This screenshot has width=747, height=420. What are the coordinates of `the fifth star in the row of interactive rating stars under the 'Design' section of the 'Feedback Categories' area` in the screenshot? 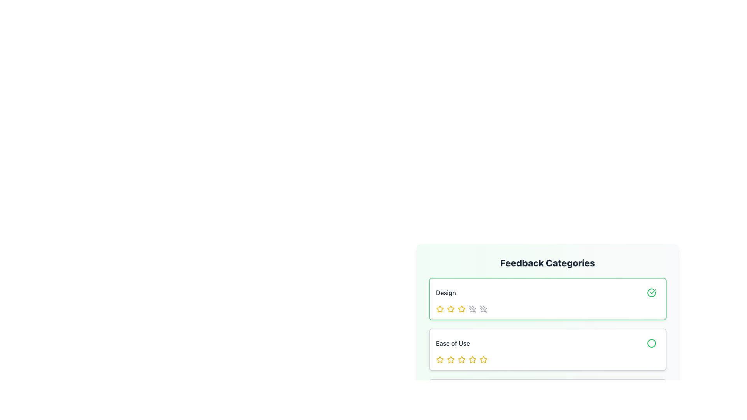 It's located at (483, 308).